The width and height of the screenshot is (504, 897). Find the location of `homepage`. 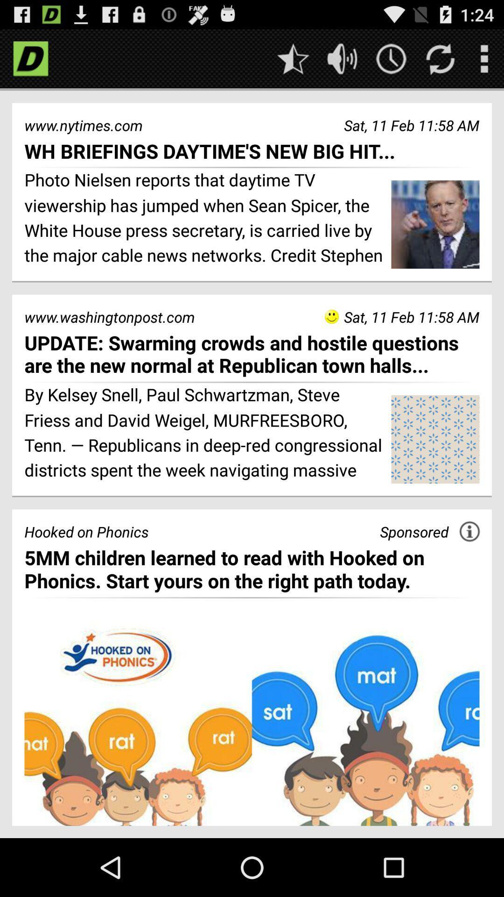

homepage is located at coordinates (30, 58).